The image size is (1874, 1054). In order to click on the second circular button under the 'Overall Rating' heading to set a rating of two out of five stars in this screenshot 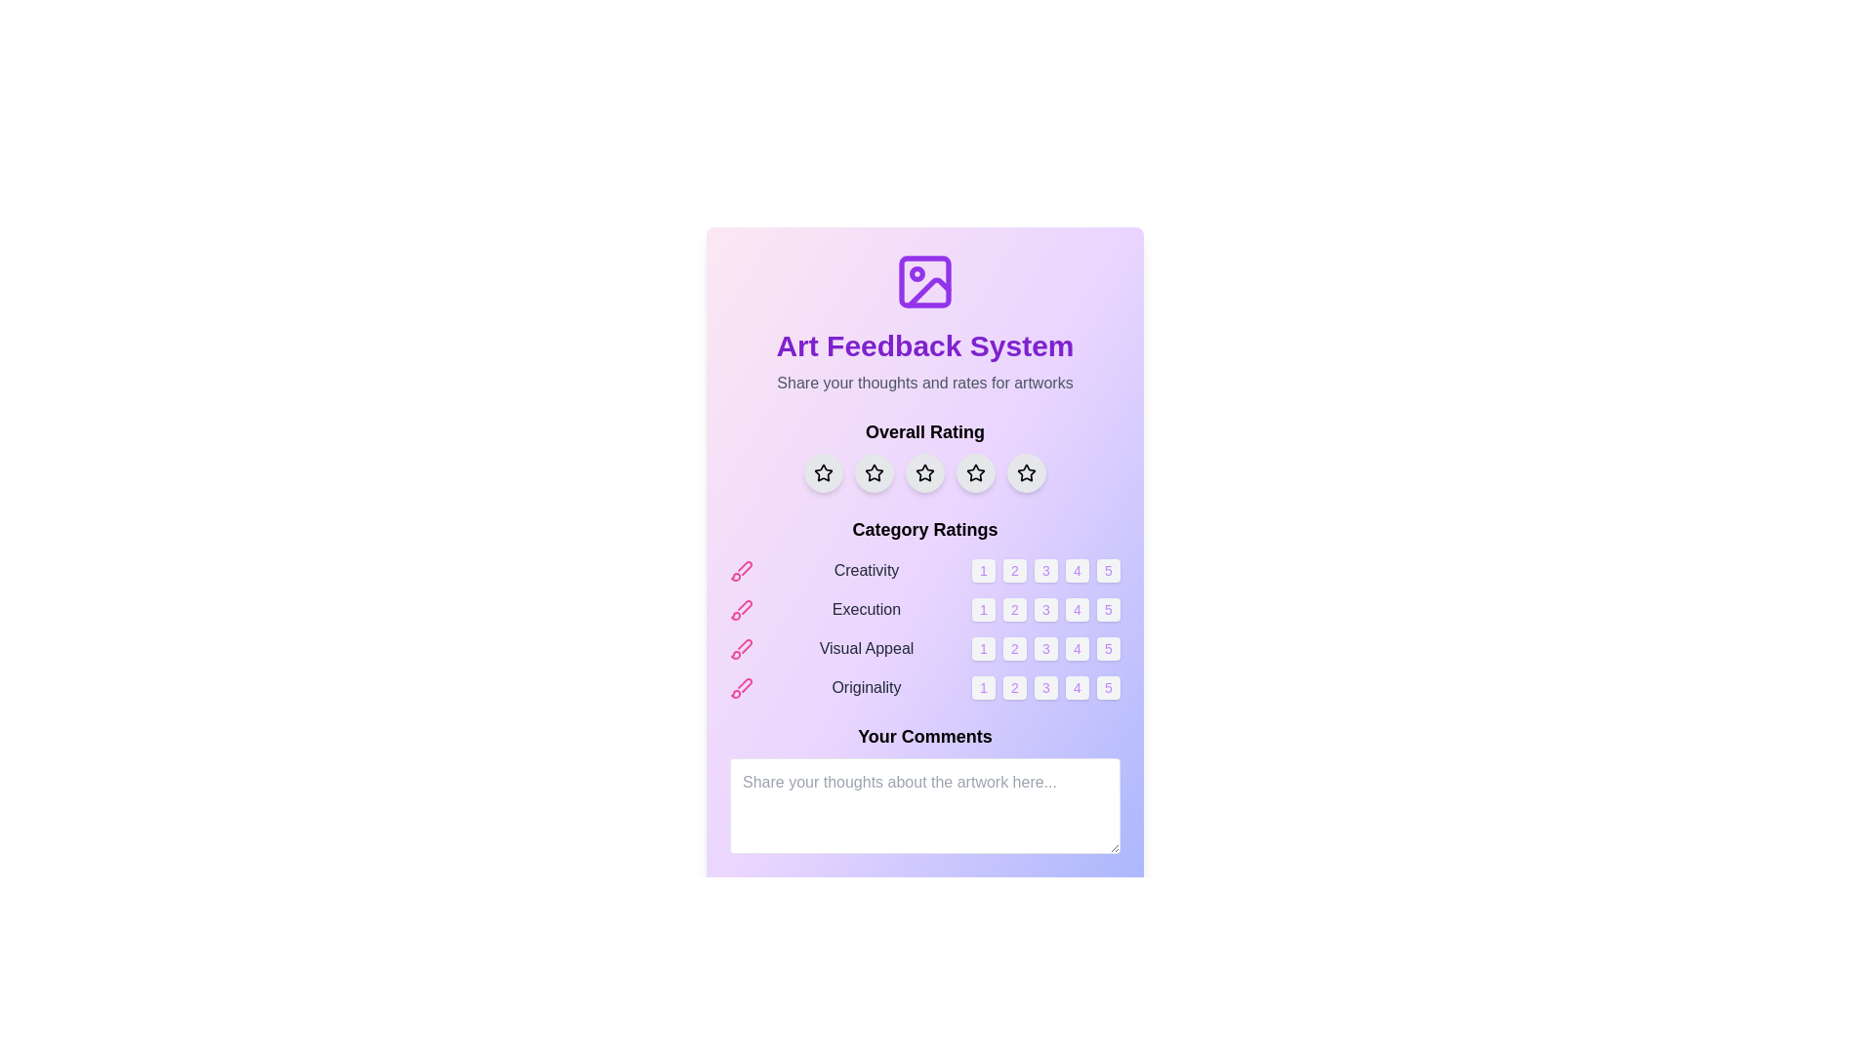, I will do `click(874, 473)`.